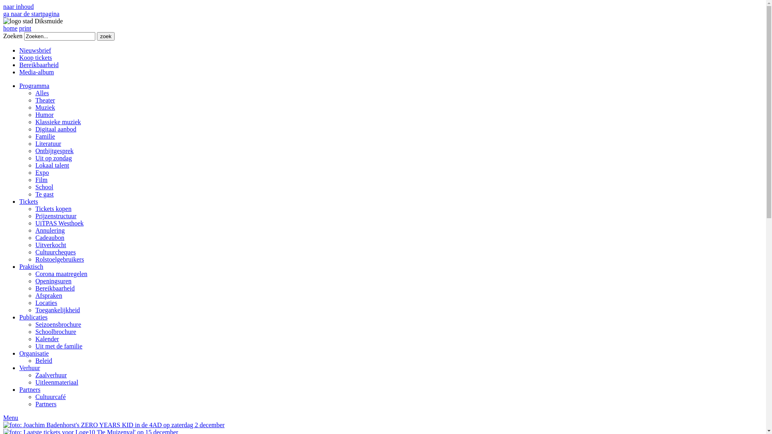 The width and height of the screenshot is (772, 434). What do you see at coordinates (18, 6) in the screenshot?
I see `'naar inhoud'` at bounding box center [18, 6].